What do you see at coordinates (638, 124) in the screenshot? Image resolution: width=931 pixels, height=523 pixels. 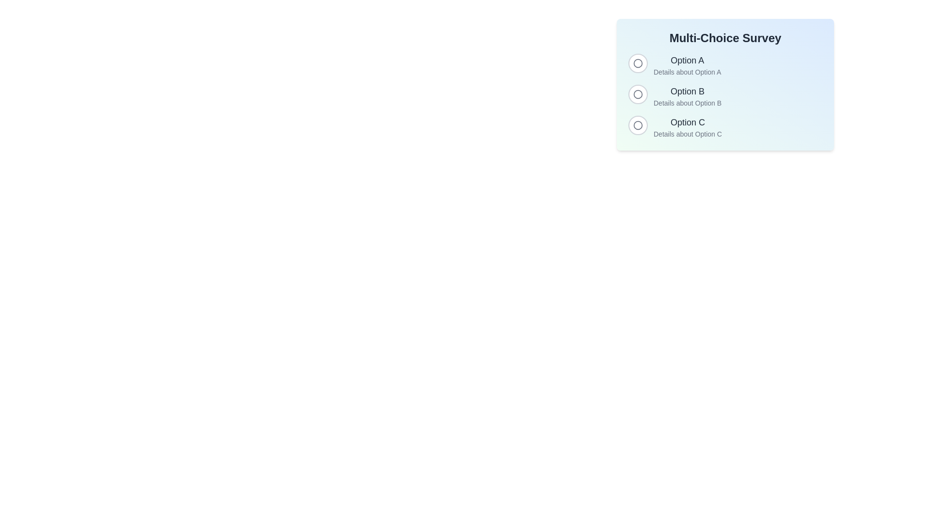 I see `the circular selection indicator, which is a gray icon with a distinctive border` at bounding box center [638, 124].